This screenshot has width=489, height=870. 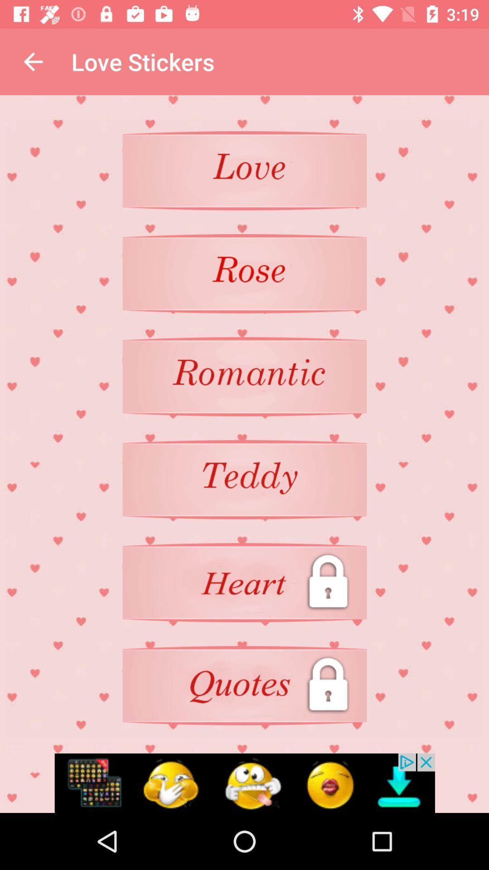 What do you see at coordinates (244, 479) in the screenshot?
I see `the teddy option` at bounding box center [244, 479].